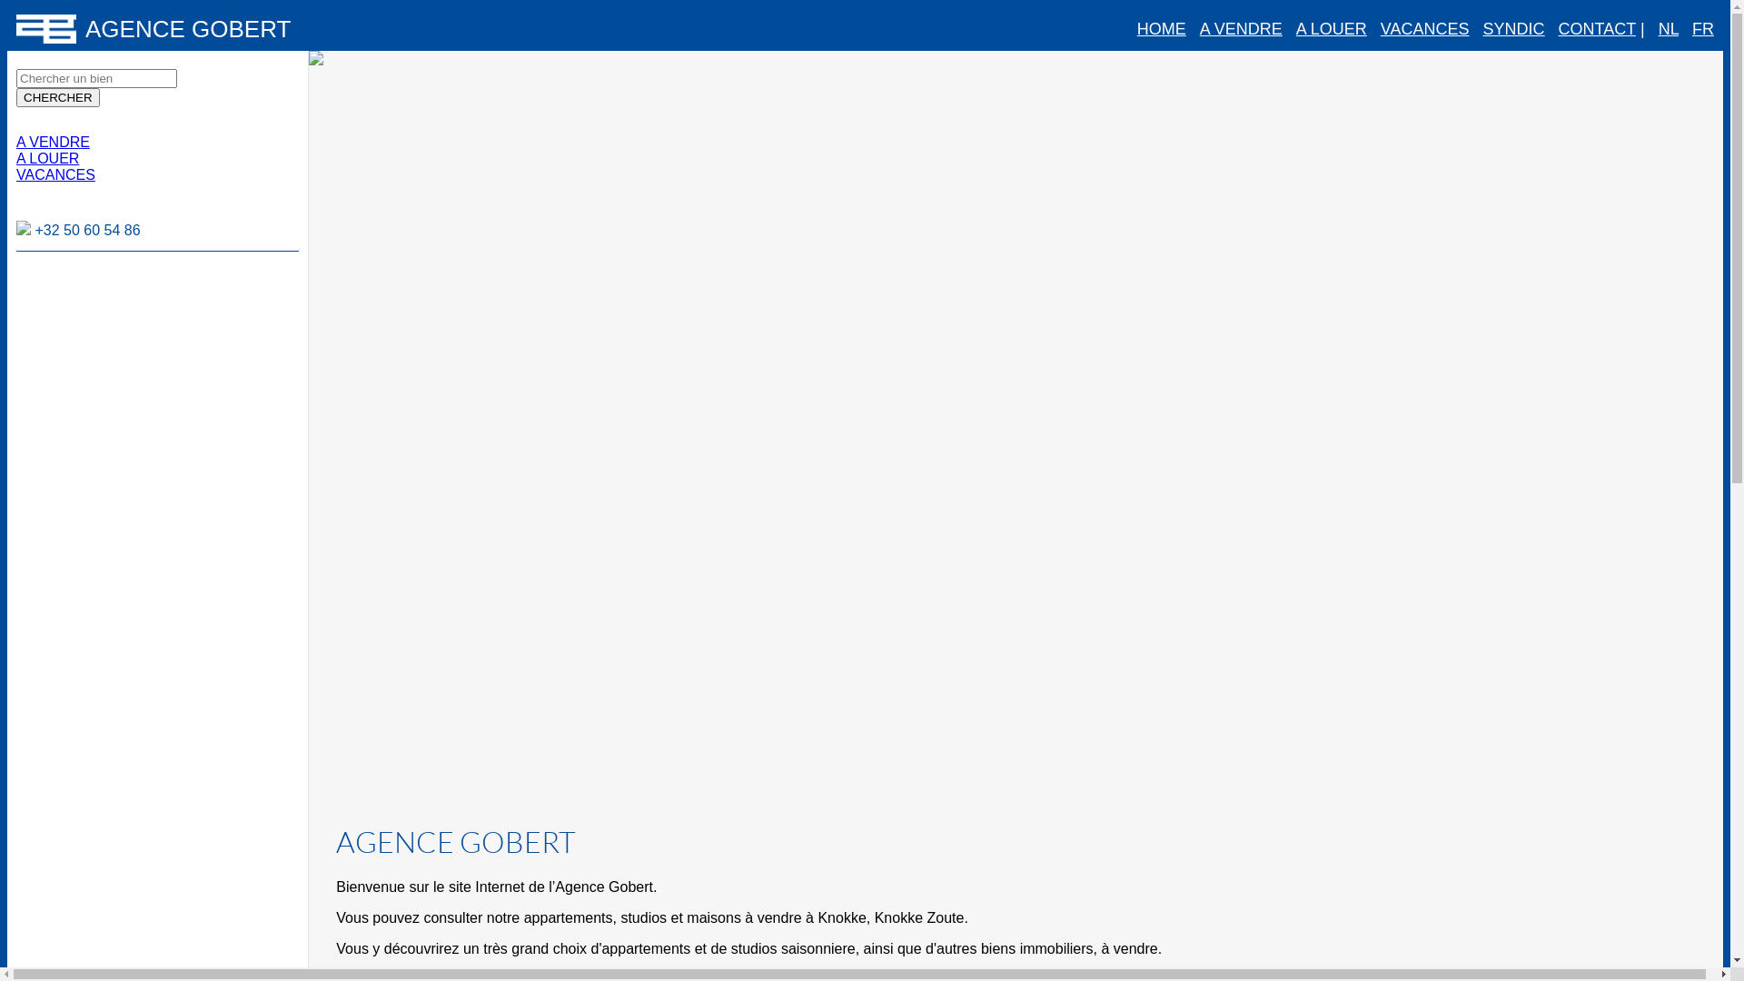  Describe the element at coordinates (57, 97) in the screenshot. I see `'CHERCHER'` at that location.